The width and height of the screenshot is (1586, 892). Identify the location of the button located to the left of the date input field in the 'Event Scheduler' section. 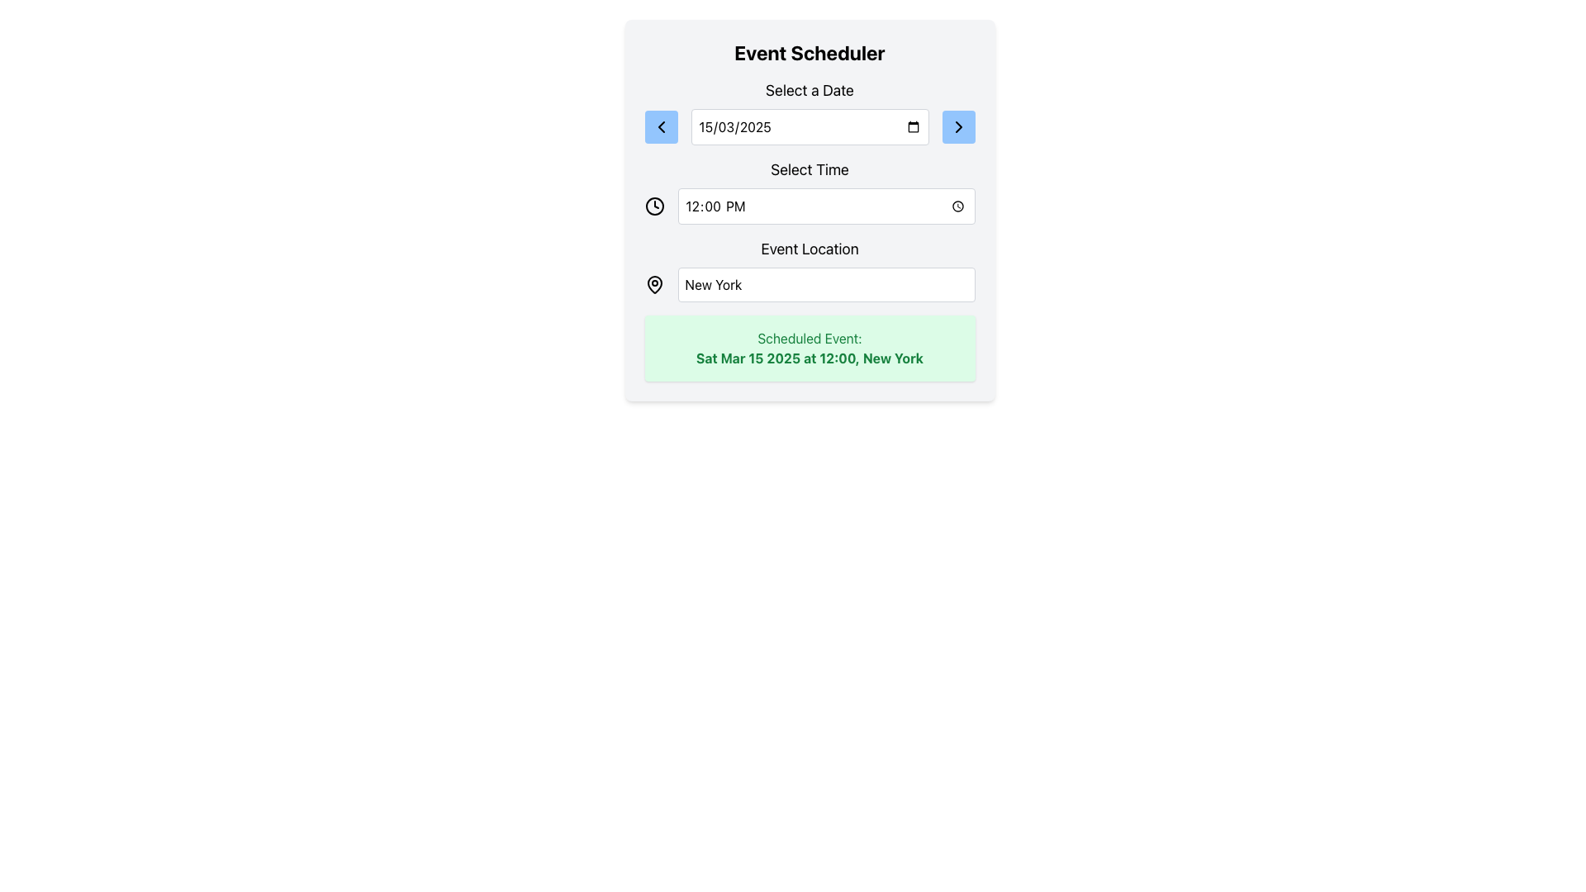
(661, 126).